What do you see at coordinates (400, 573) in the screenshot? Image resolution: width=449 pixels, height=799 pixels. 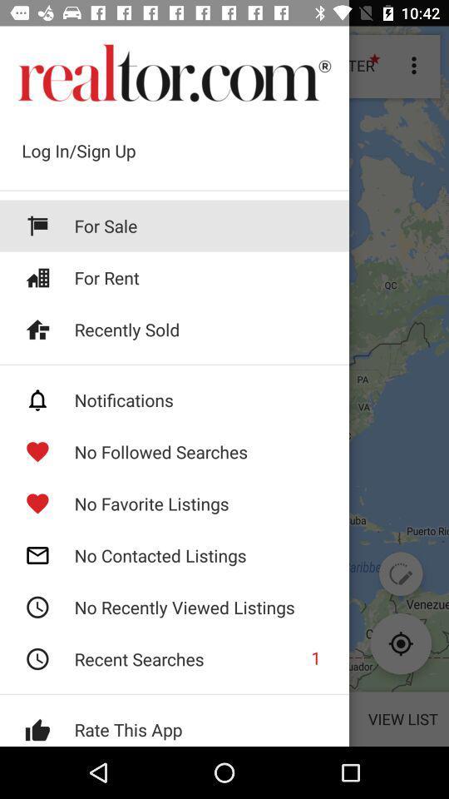 I see `the edit icon` at bounding box center [400, 573].